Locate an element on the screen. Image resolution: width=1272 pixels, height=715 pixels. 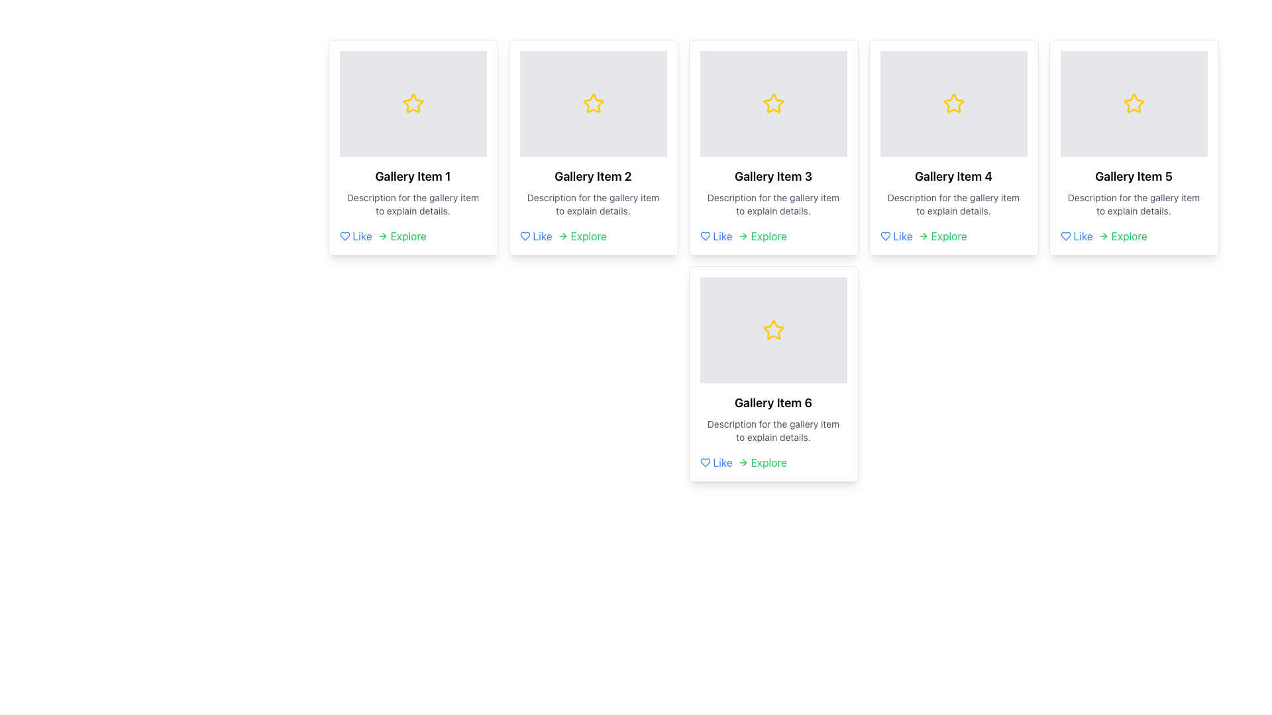
the star icon located at the top of 'Gallery Item 1' to indicate a favorite or rating is located at coordinates (412, 103).